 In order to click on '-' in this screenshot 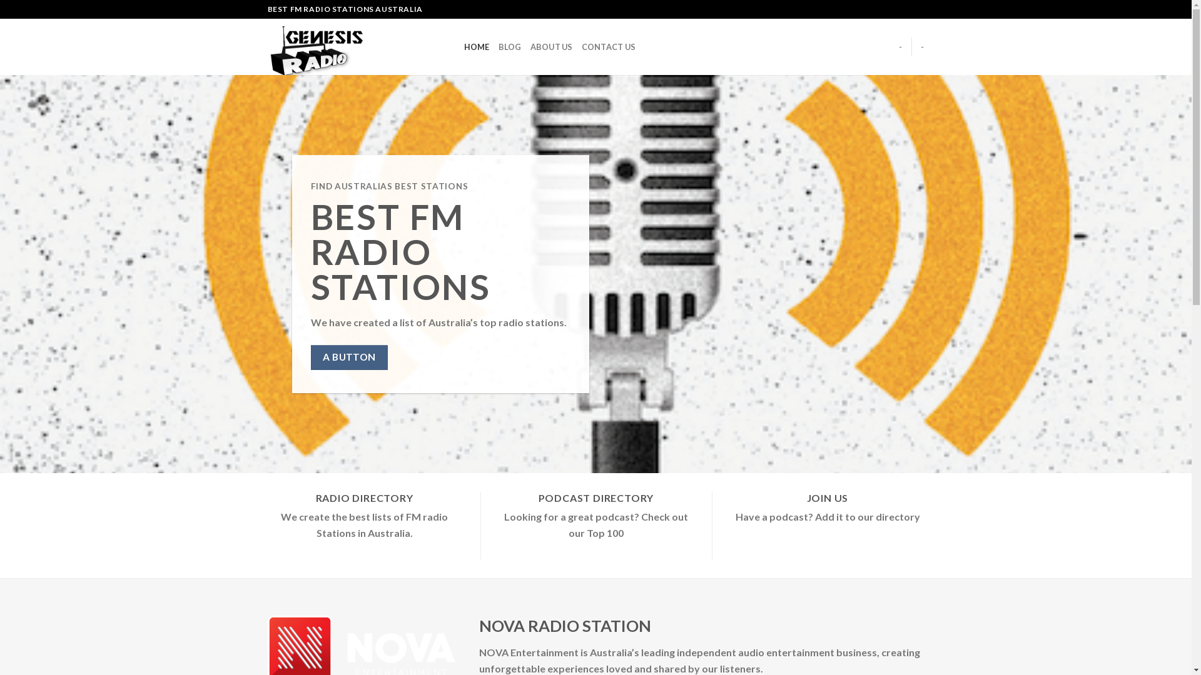, I will do `click(922, 46)`.